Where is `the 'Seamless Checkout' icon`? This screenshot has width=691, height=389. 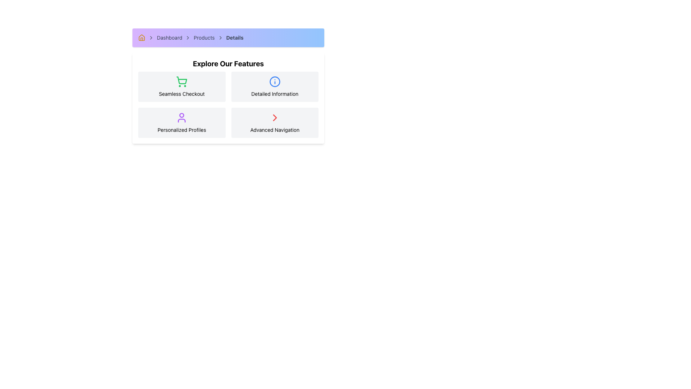
the 'Seamless Checkout' icon is located at coordinates (182, 81).